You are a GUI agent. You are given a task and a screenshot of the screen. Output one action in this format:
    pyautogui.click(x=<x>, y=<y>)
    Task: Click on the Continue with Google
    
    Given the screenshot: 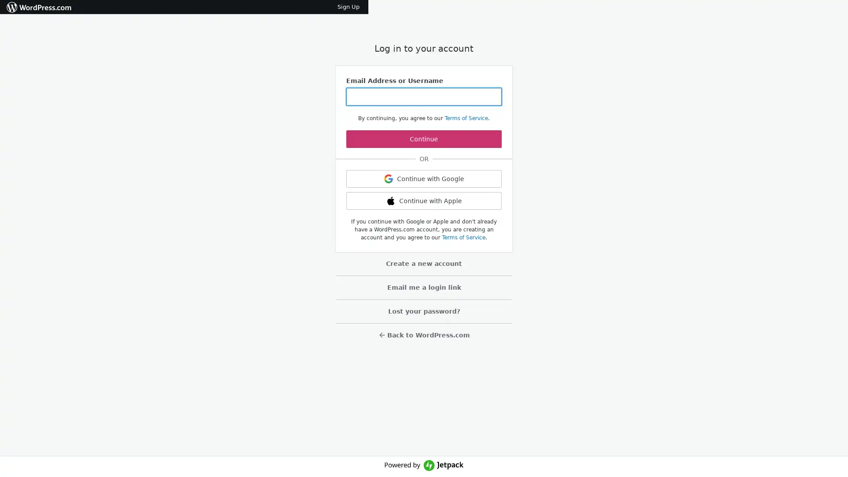 What is the action you would take?
    pyautogui.click(x=424, y=179)
    